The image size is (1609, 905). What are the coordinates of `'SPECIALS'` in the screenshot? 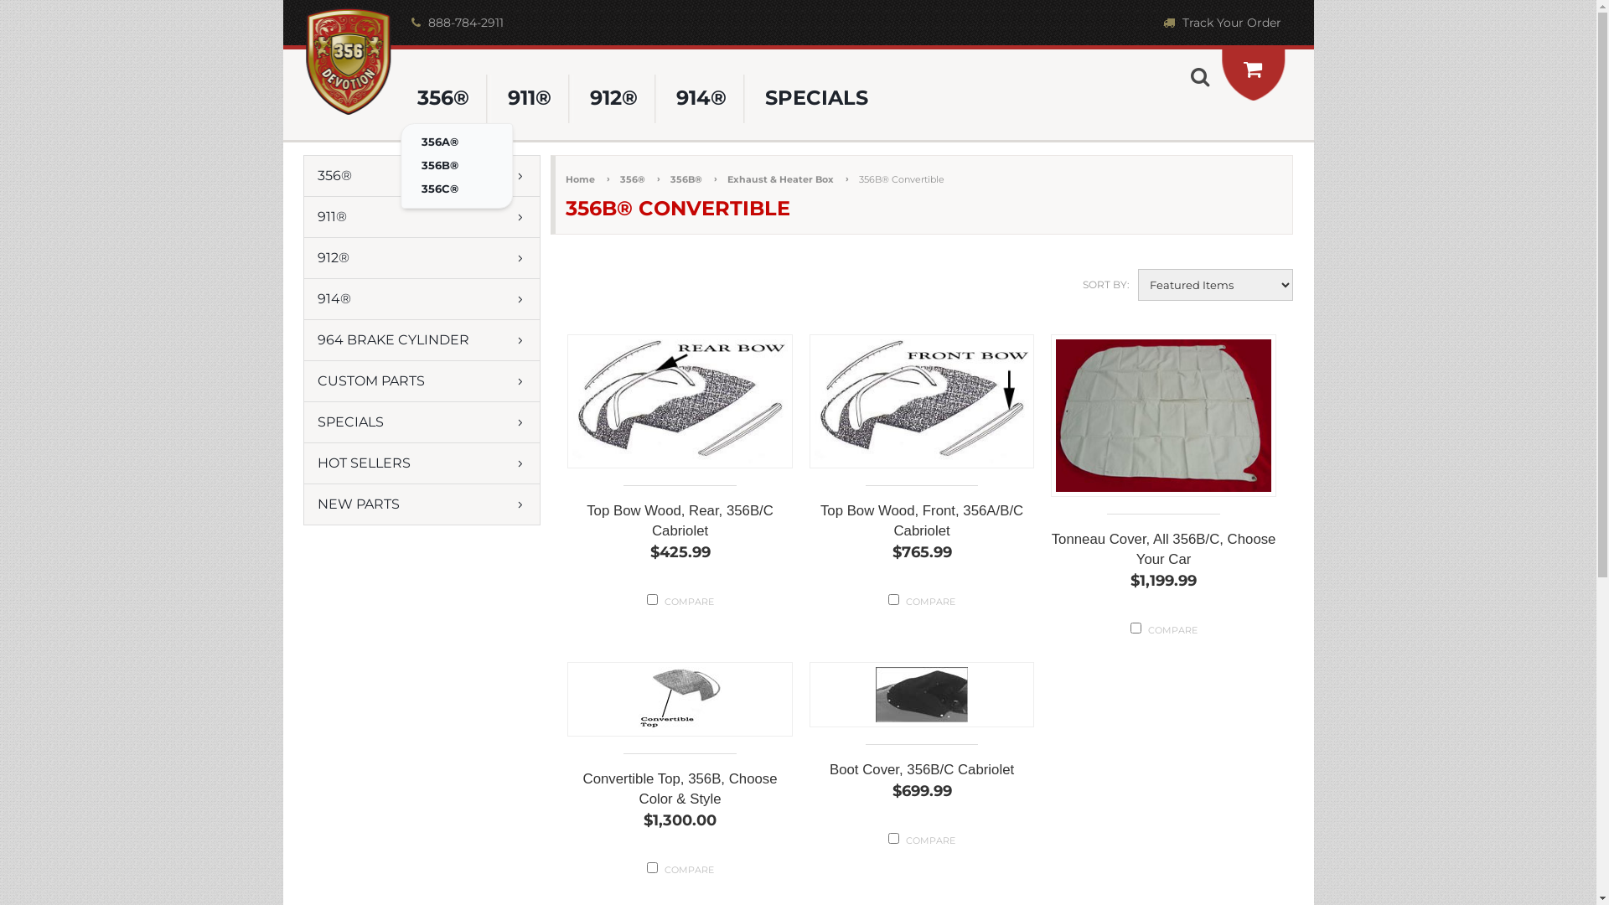 It's located at (816, 99).